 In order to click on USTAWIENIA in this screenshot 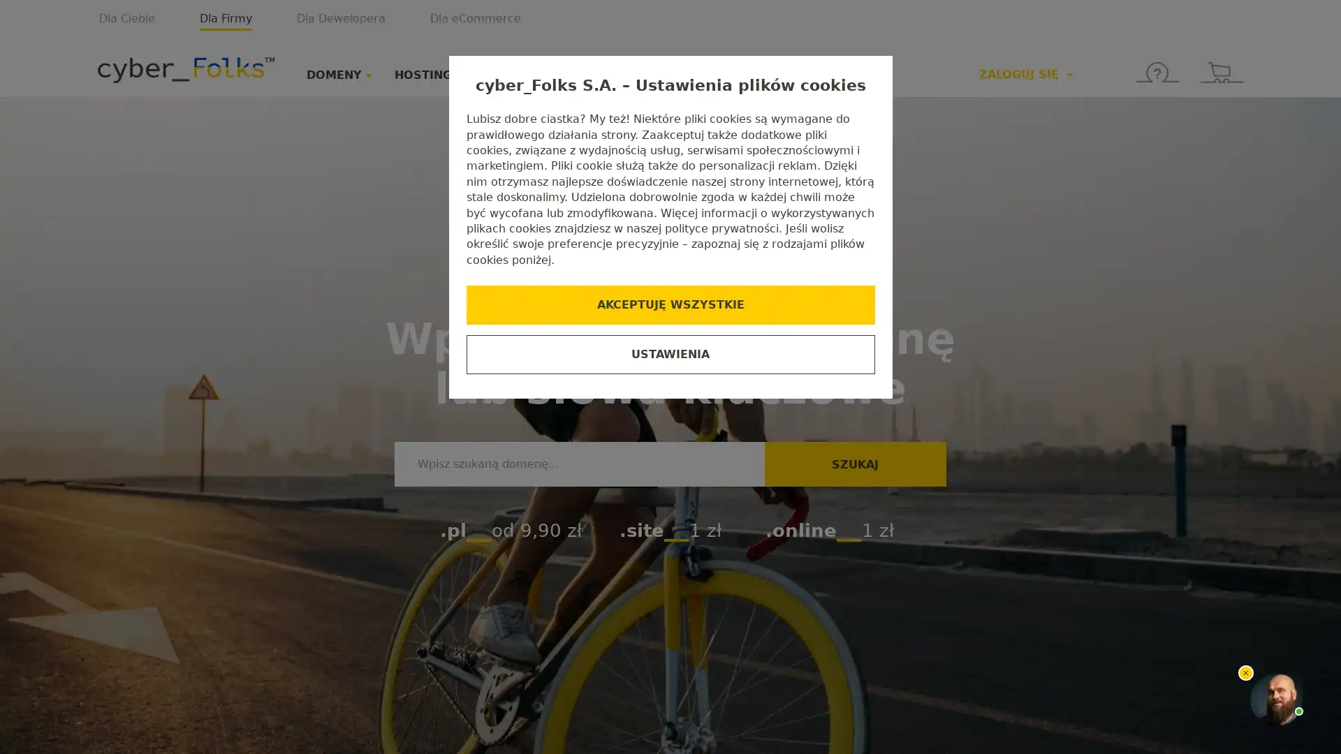, I will do `click(669, 354)`.